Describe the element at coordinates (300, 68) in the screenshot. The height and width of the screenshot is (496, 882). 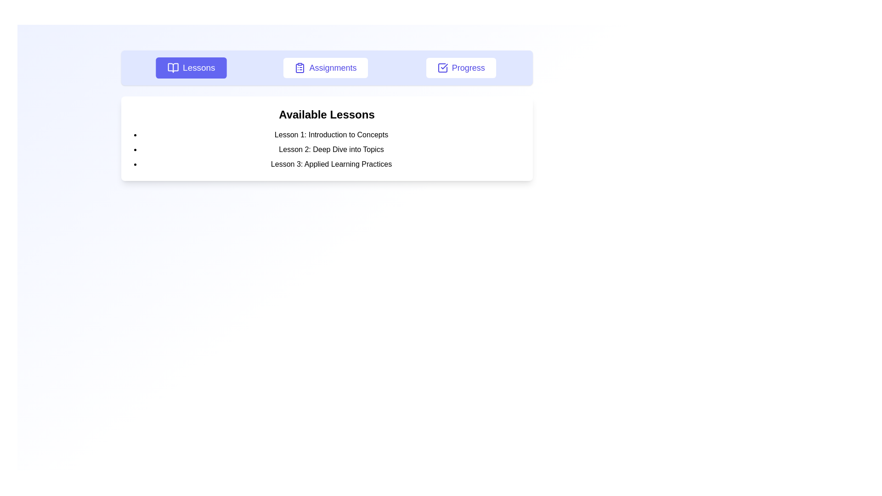
I see `the middle clipboard icon button in the navigation bar` at that location.